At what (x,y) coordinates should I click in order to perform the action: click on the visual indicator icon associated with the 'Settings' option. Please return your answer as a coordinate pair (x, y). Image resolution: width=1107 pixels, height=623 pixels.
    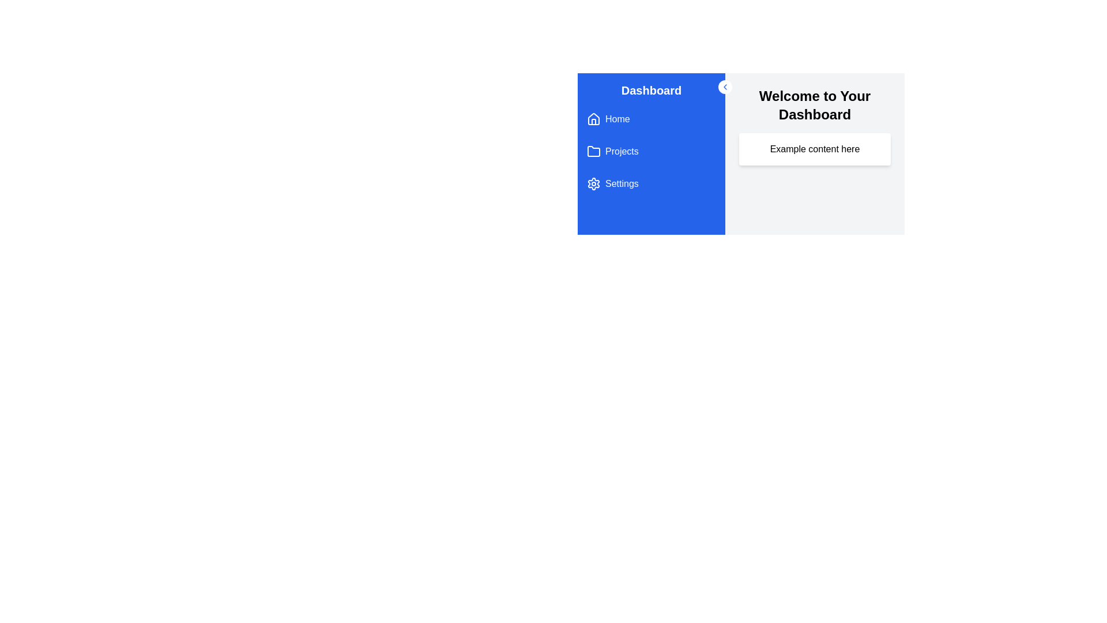
    Looking at the image, I should click on (594, 183).